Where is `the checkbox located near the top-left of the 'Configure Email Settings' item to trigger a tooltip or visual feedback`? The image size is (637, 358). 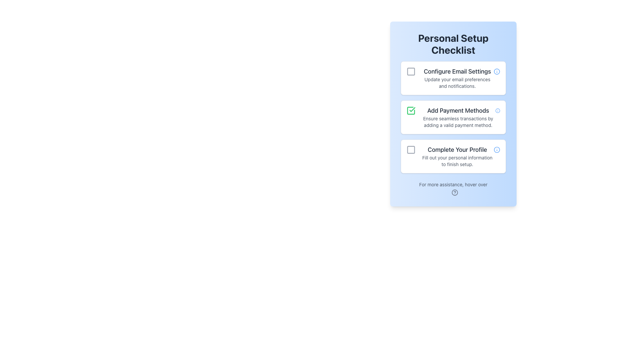 the checkbox located near the top-left of the 'Configure Email Settings' item to trigger a tooltip or visual feedback is located at coordinates (410, 72).